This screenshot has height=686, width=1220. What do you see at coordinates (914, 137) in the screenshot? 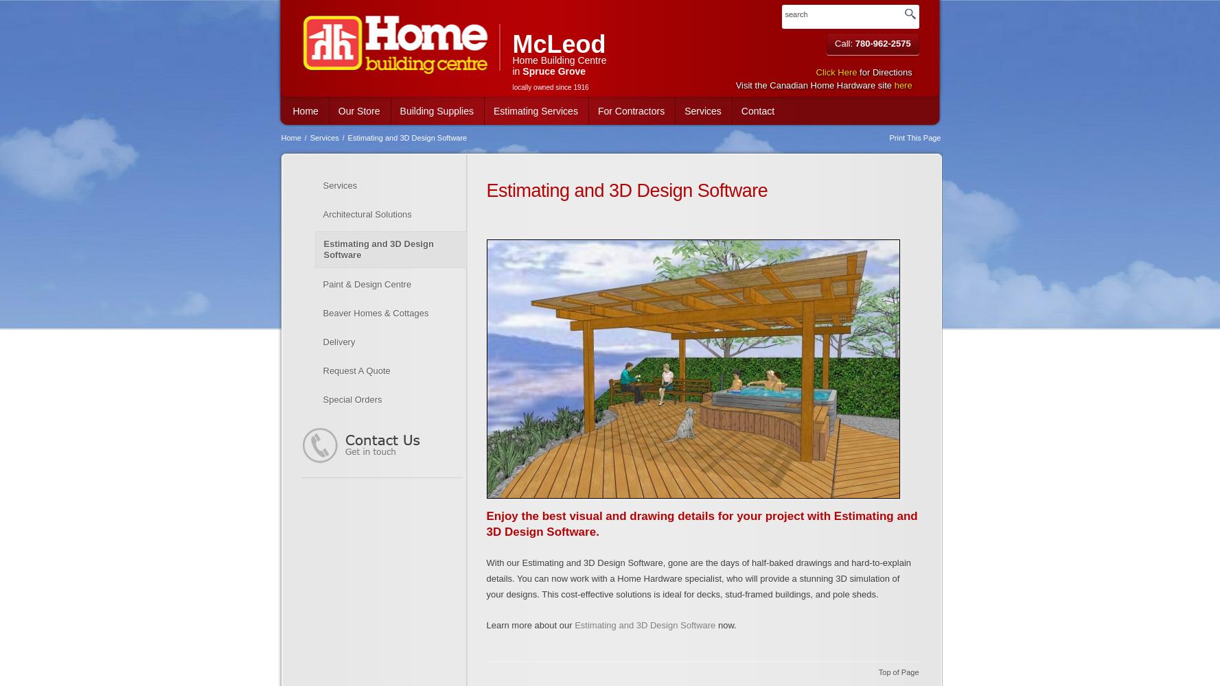
I see `'Print This Page'` at bounding box center [914, 137].